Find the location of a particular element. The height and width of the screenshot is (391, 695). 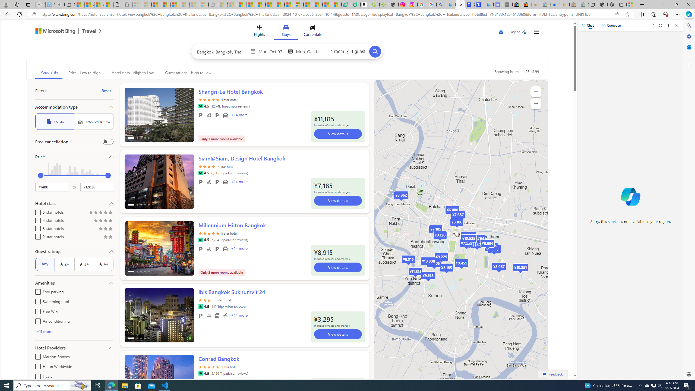

'5-star hotels' is located at coordinates (36, 211).